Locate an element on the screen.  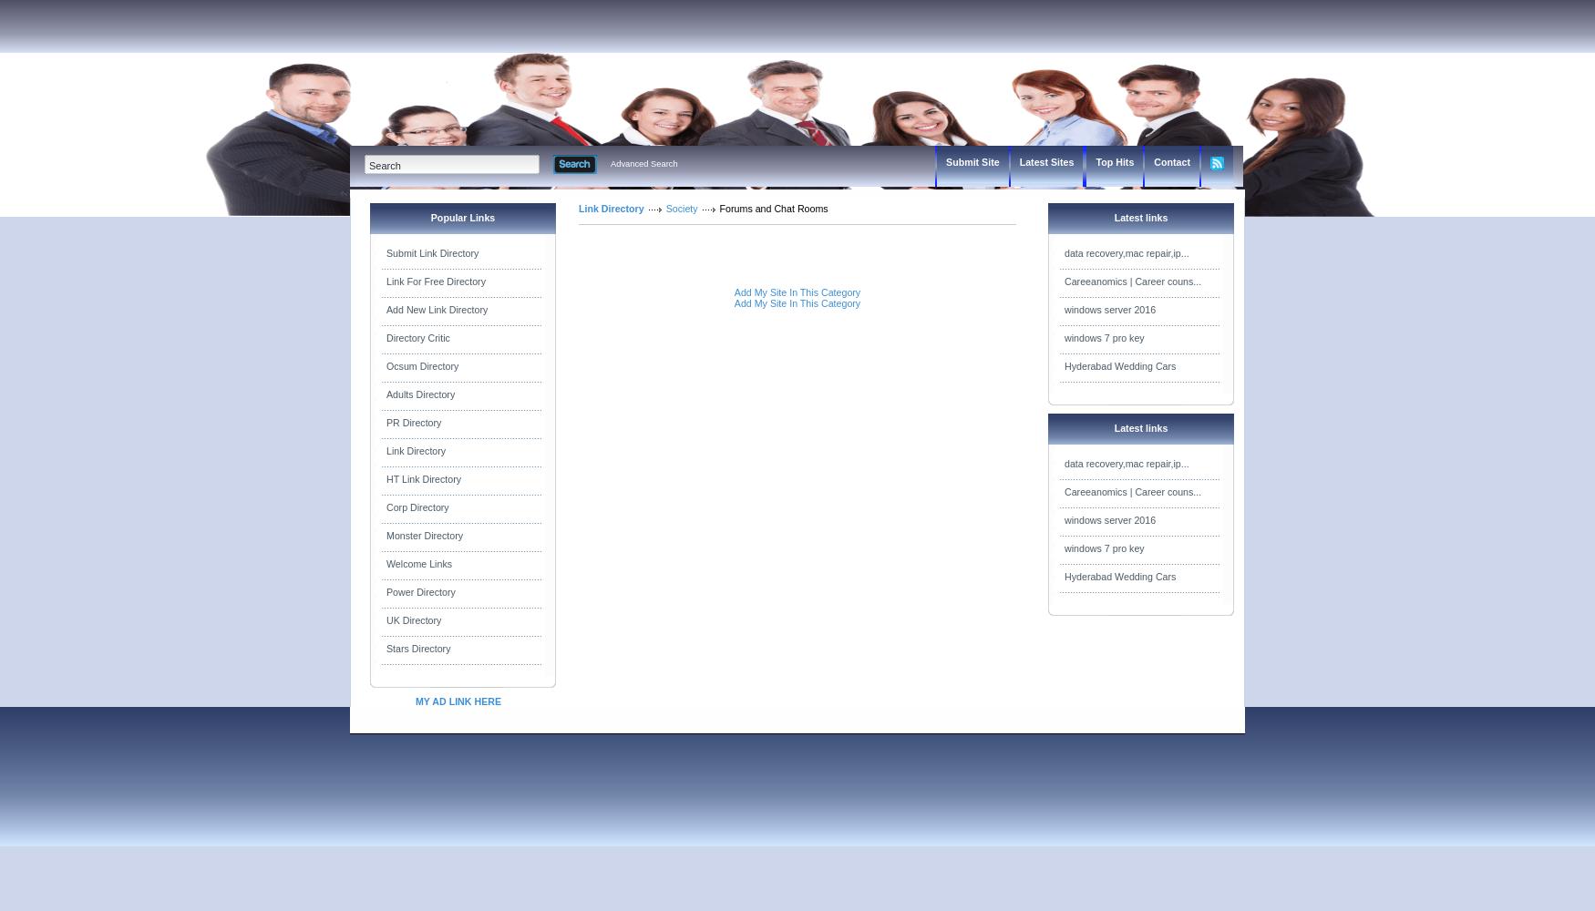
'Stars Directory' is located at coordinates (418, 648).